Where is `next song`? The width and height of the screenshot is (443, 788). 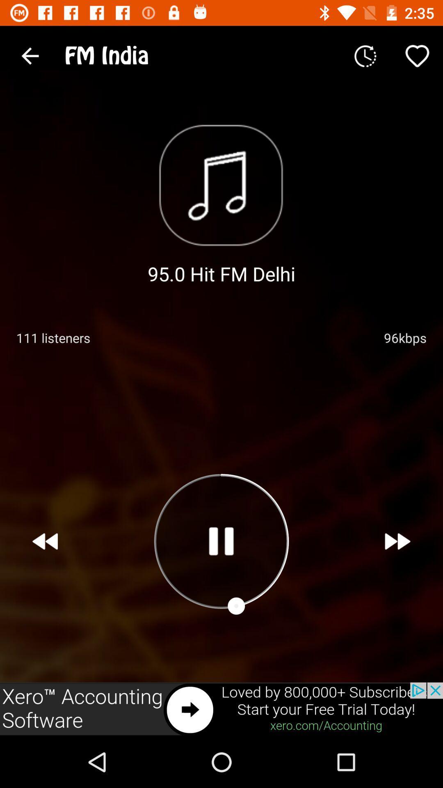
next song is located at coordinates (397, 541).